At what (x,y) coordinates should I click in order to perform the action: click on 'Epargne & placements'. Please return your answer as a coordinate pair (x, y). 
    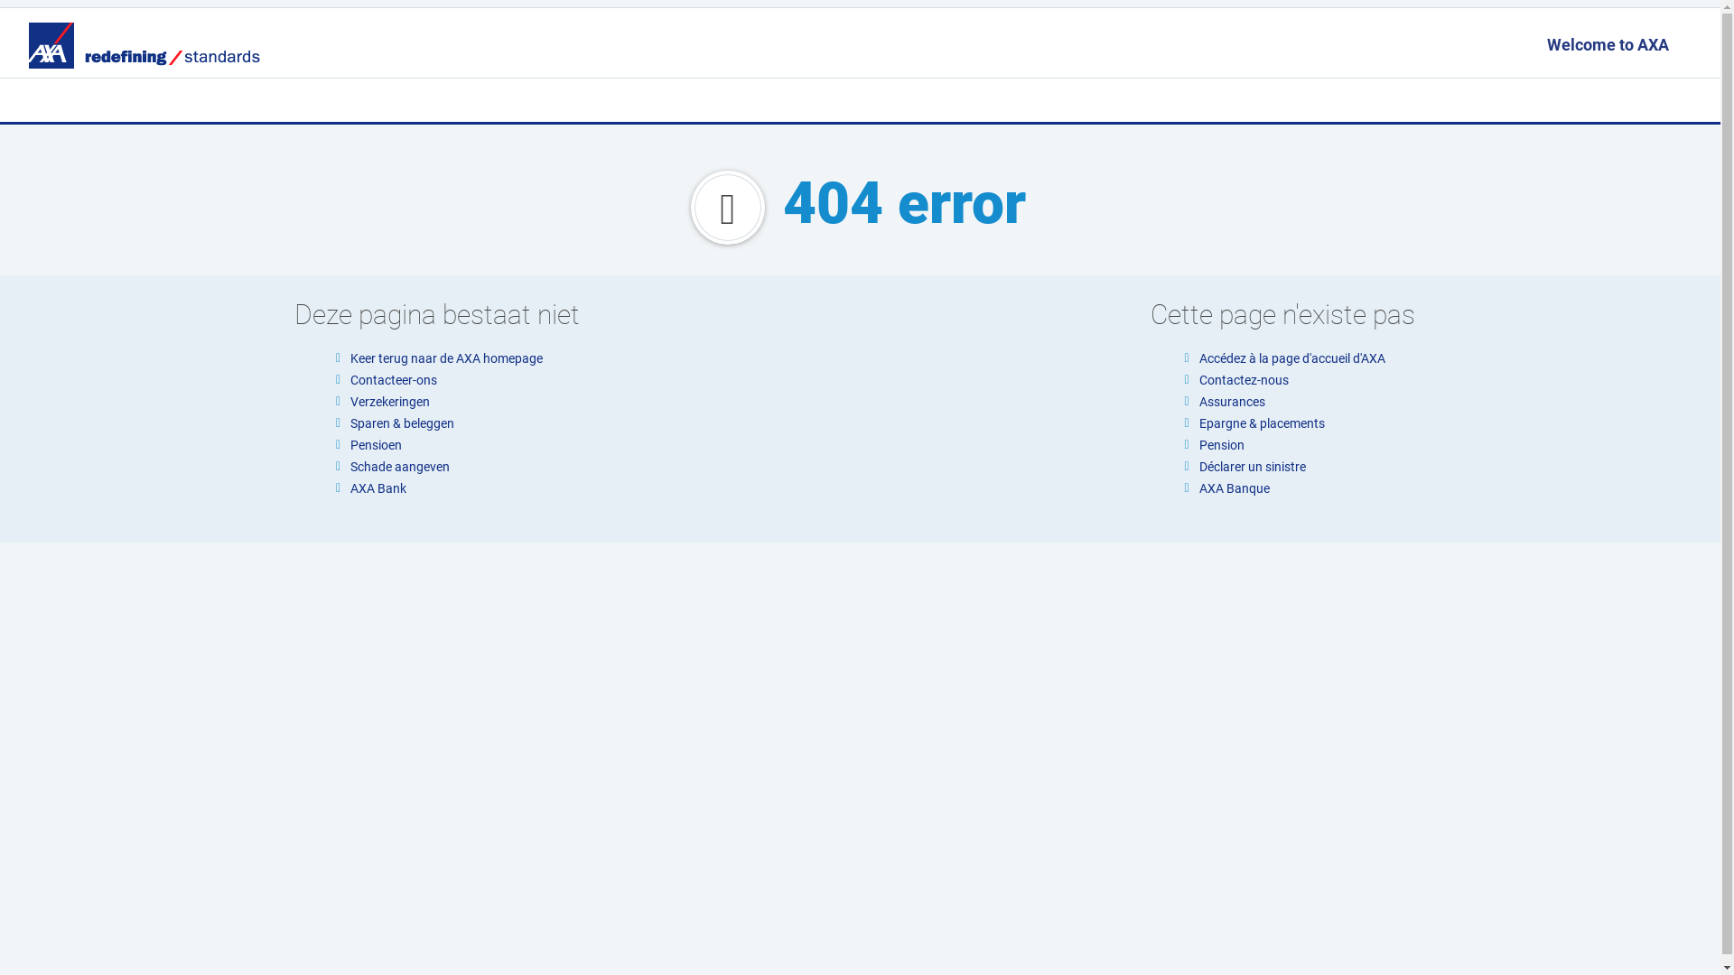
    Looking at the image, I should click on (1261, 423).